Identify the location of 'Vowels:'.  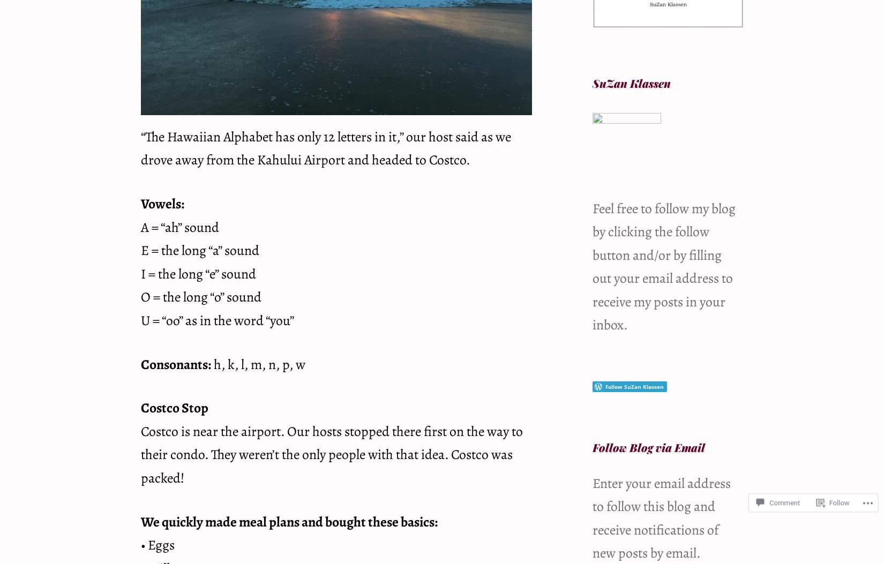
(162, 203).